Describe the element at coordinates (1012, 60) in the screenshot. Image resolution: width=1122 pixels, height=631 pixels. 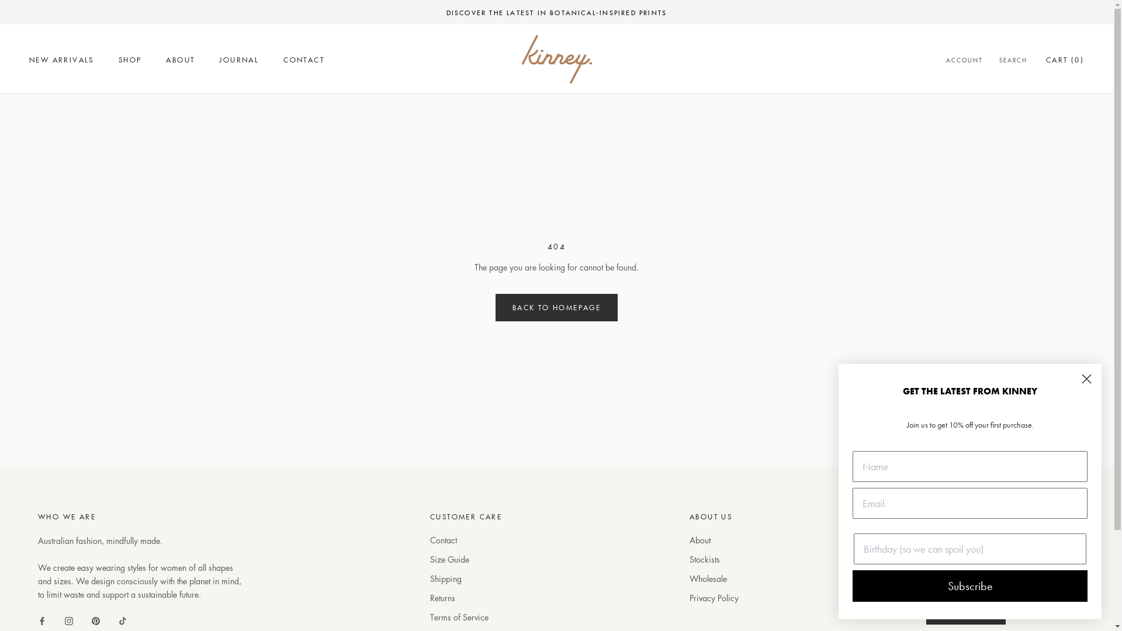
I see `'SEARCH'` at that location.